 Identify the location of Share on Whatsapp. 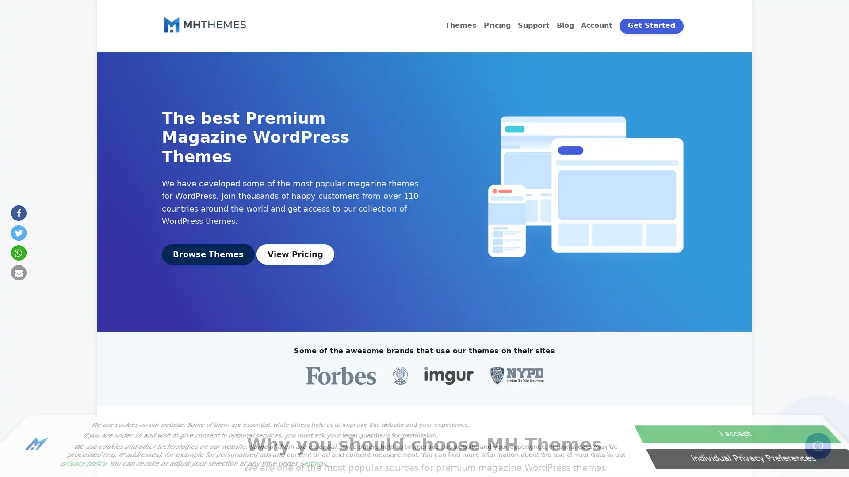
(19, 253).